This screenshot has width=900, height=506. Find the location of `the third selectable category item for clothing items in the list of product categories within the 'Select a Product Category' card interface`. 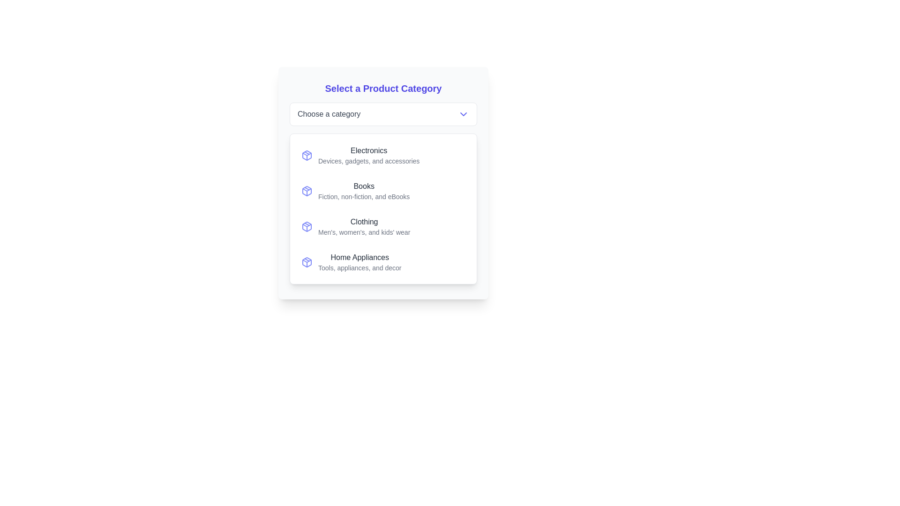

the third selectable category item for clothing items in the list of product categories within the 'Select a Product Category' card interface is located at coordinates (383, 226).